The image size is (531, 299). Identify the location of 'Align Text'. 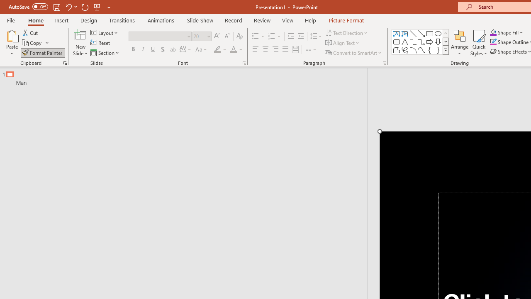
(343, 43).